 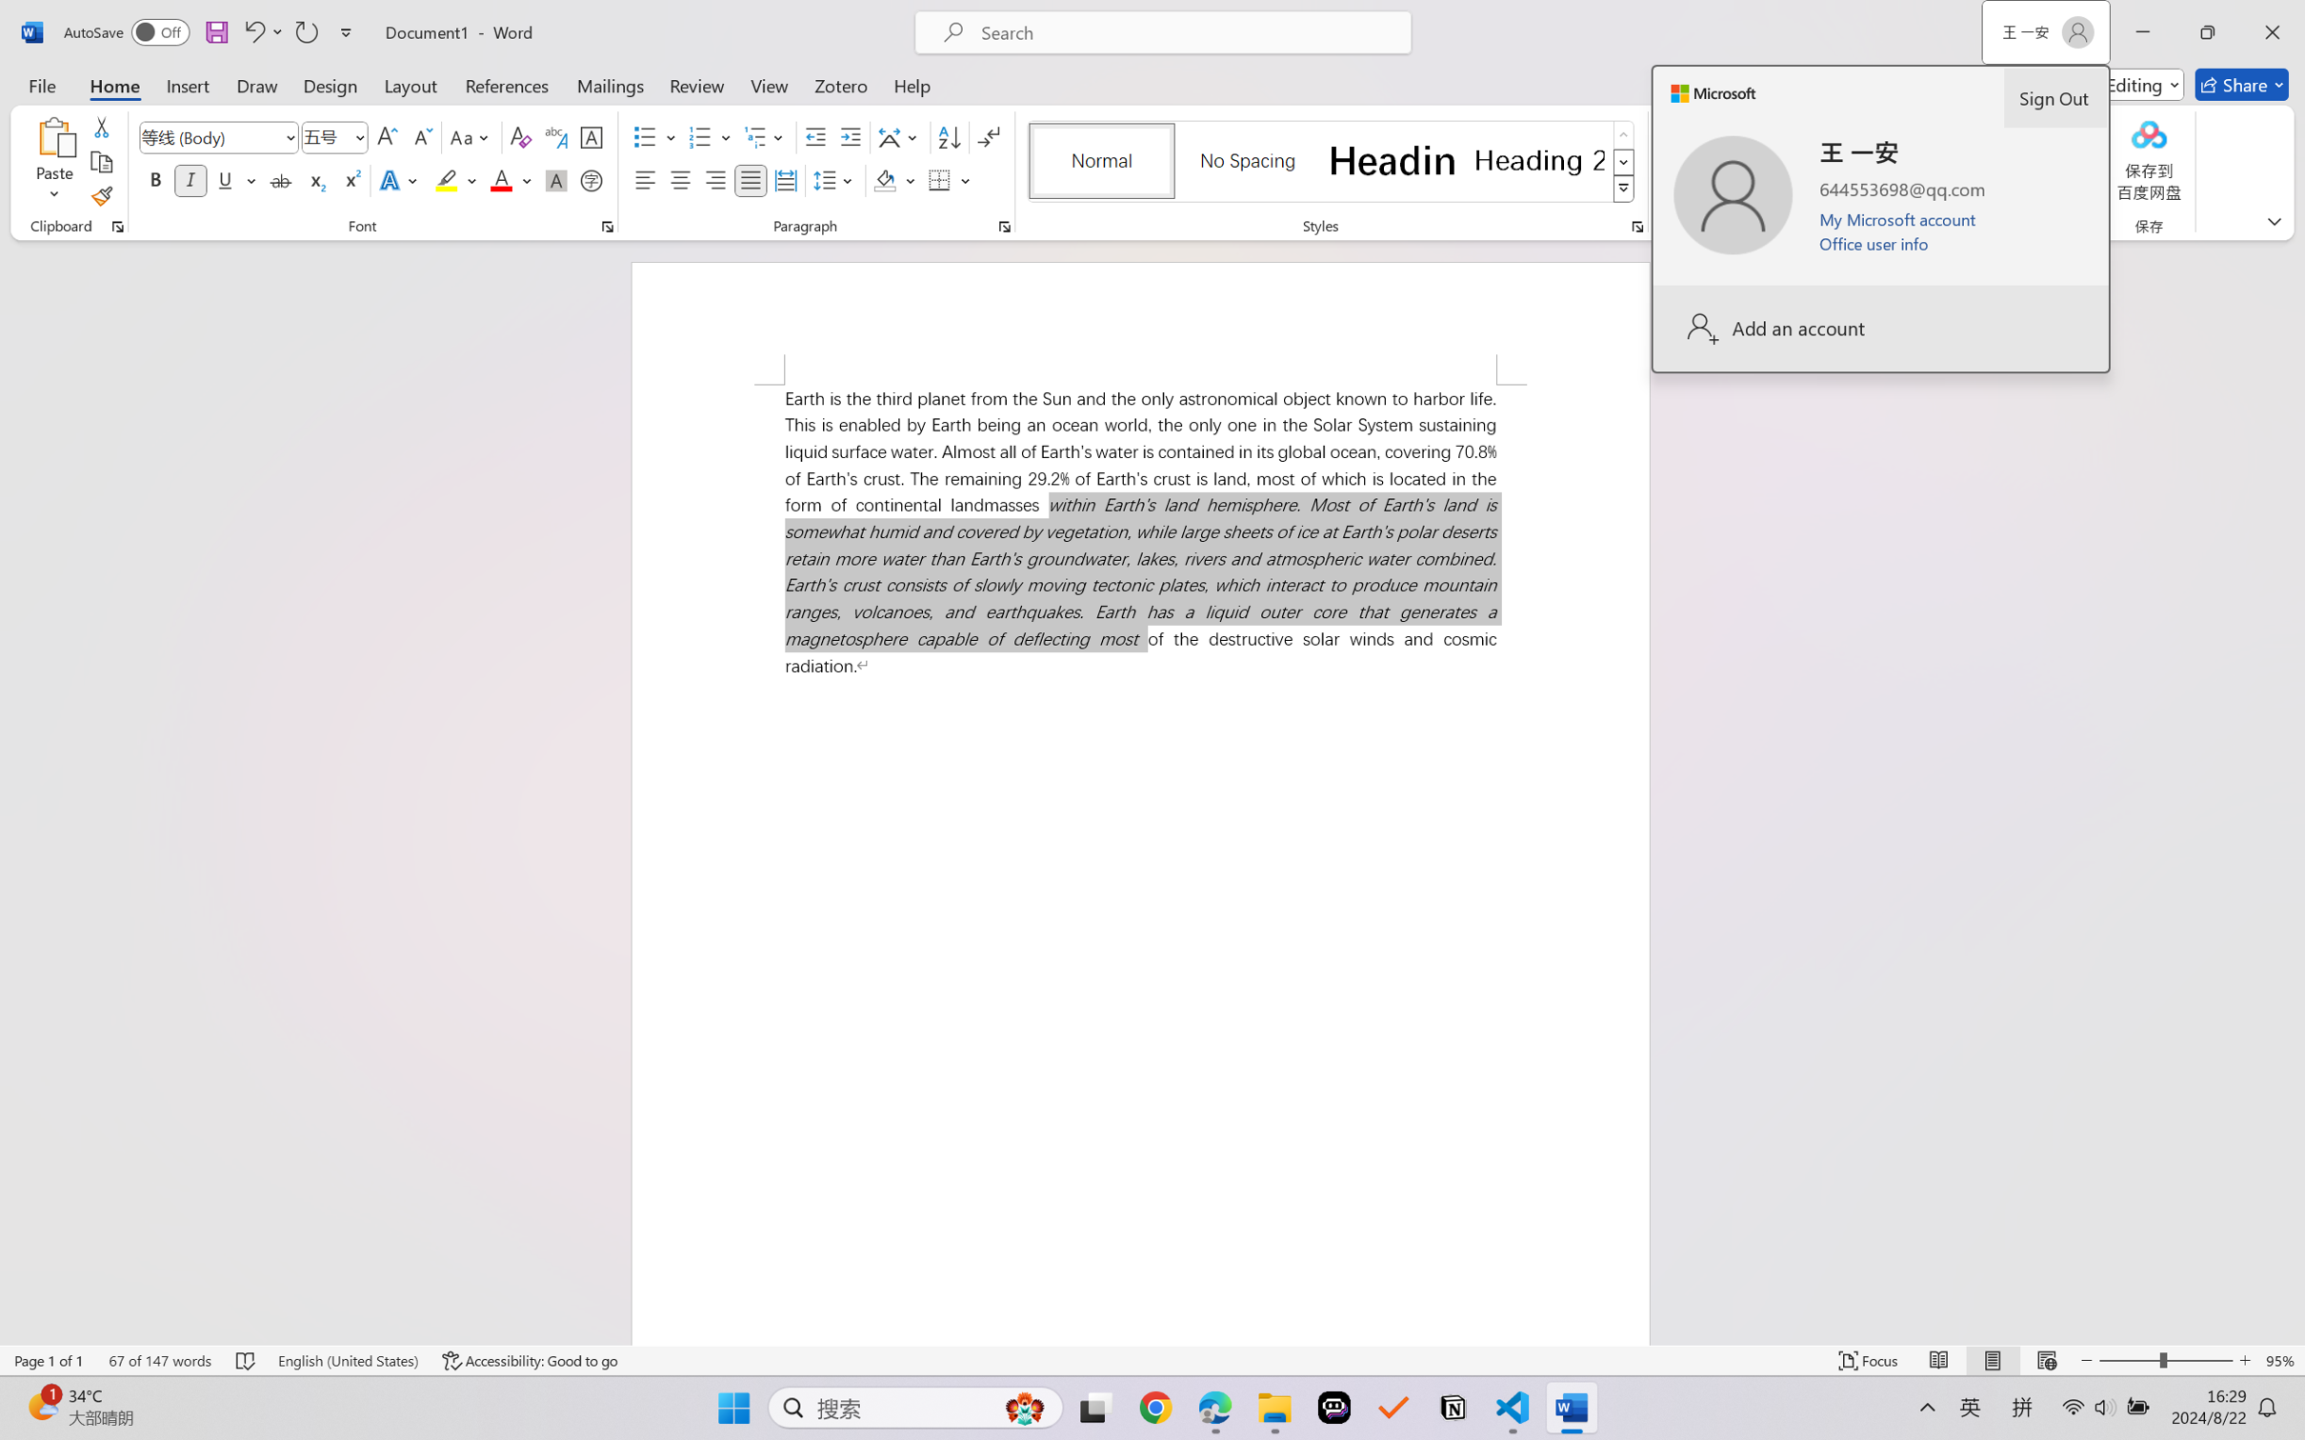 I want to click on 'Font Color', so click(x=511, y=179).